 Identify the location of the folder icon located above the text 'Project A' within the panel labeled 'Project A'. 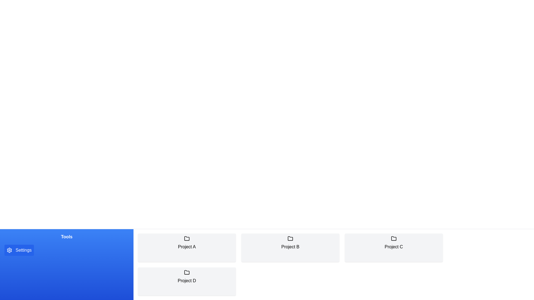
(187, 238).